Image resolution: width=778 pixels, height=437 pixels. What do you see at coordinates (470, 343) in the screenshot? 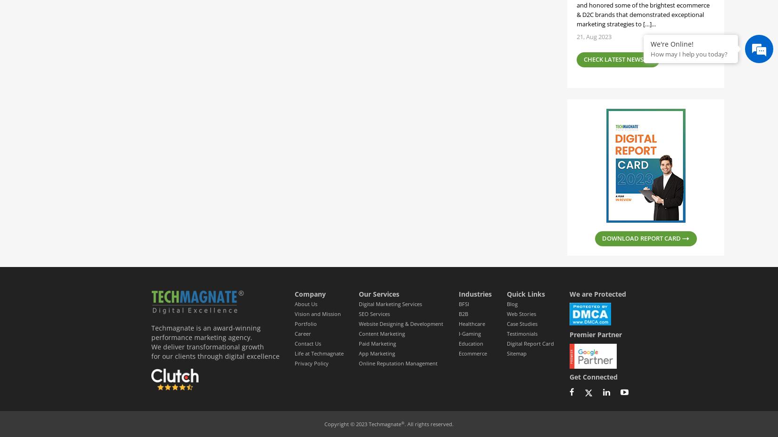
I see `'Education'` at bounding box center [470, 343].